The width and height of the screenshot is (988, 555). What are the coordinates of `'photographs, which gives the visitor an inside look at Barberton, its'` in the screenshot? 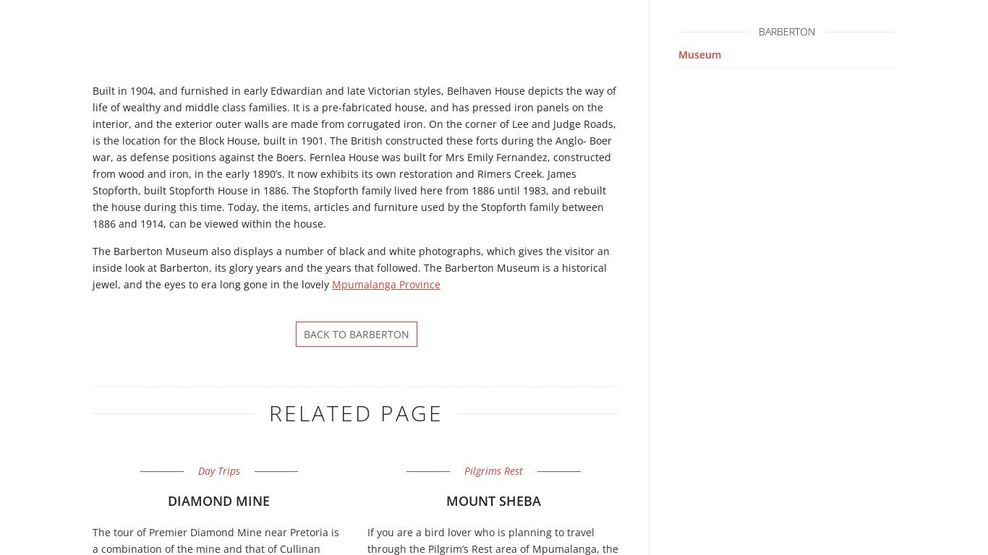 It's located at (351, 259).